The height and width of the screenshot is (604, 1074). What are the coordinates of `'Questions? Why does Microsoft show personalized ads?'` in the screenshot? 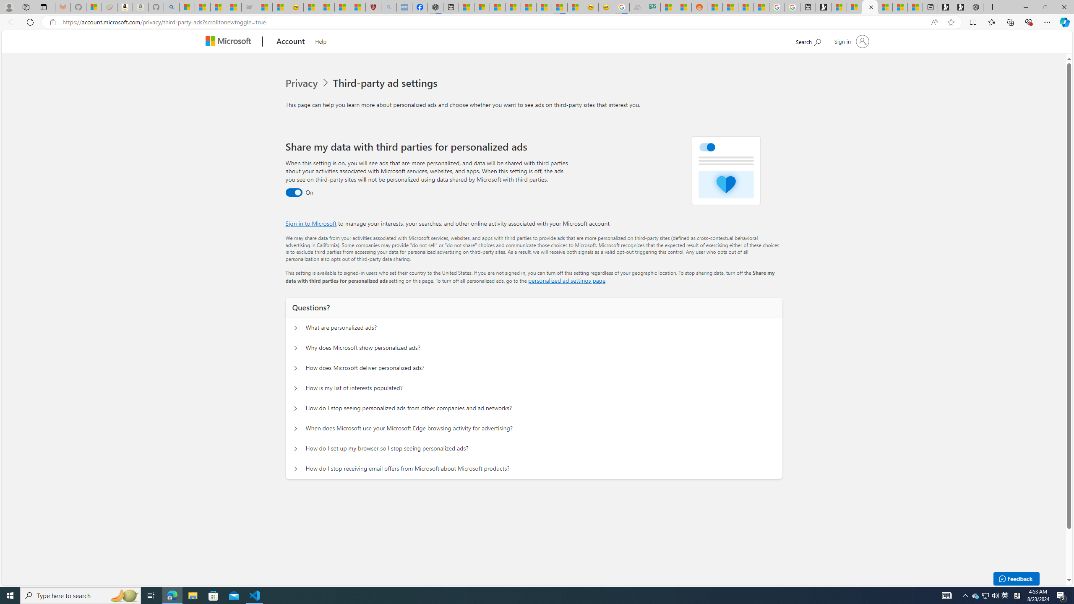 It's located at (296, 348).